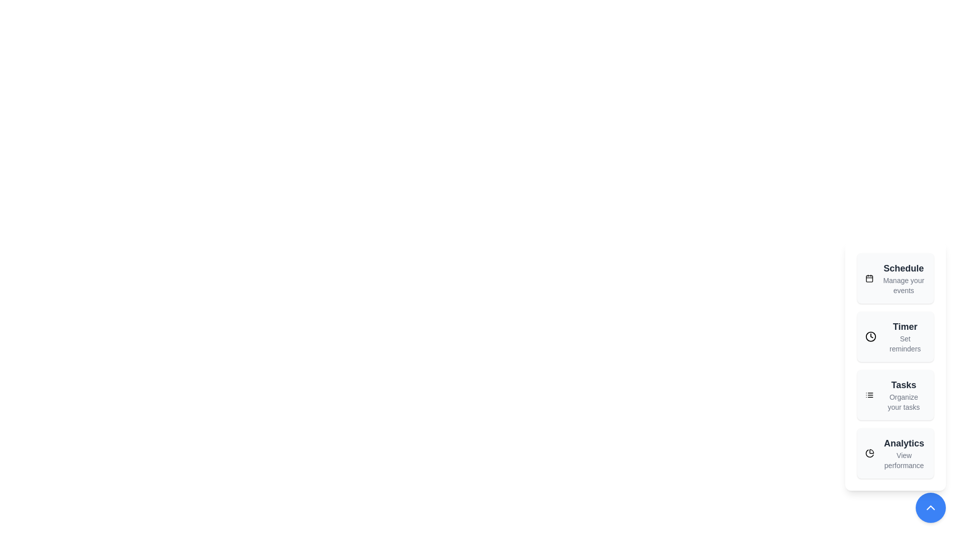 The image size is (966, 543). What do you see at coordinates (896, 279) in the screenshot?
I see `the action item Schedule to preview its details` at bounding box center [896, 279].